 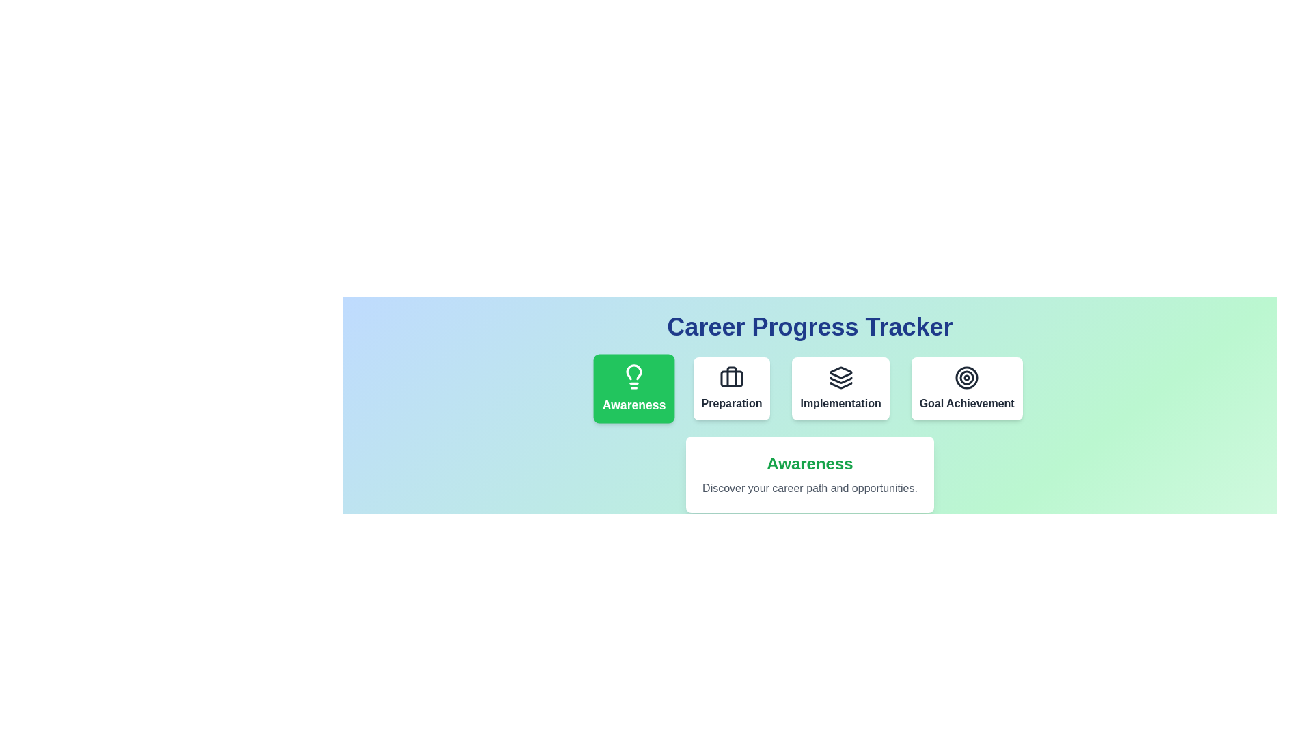 I want to click on the phase Goal Achievement by clicking on its button, so click(x=966, y=389).